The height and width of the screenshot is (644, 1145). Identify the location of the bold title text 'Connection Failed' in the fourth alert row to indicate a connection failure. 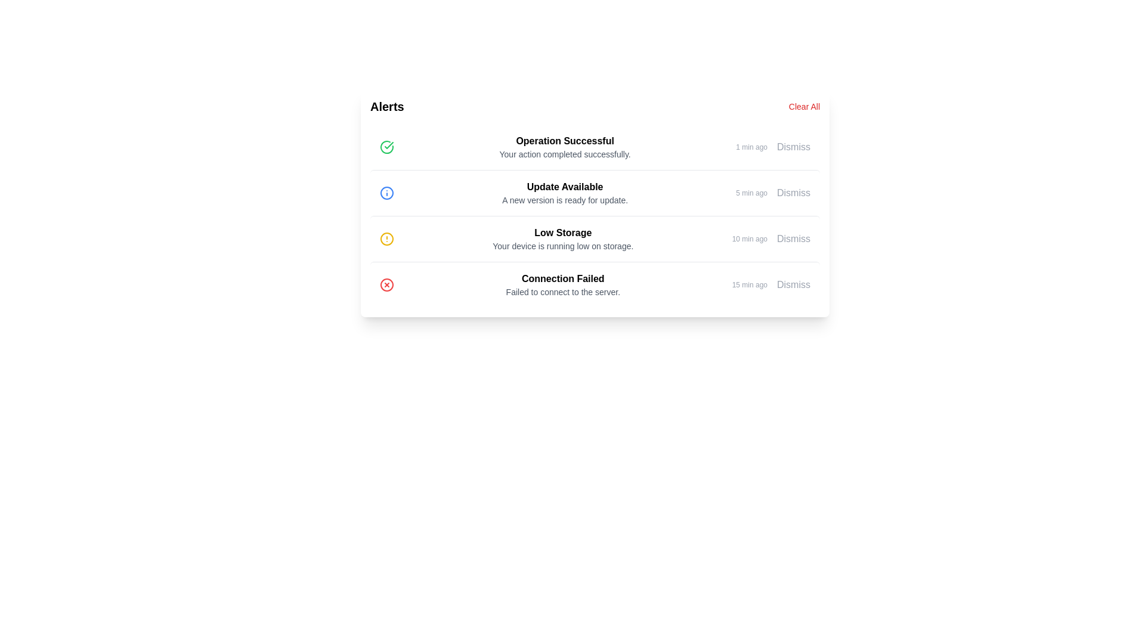
(562, 278).